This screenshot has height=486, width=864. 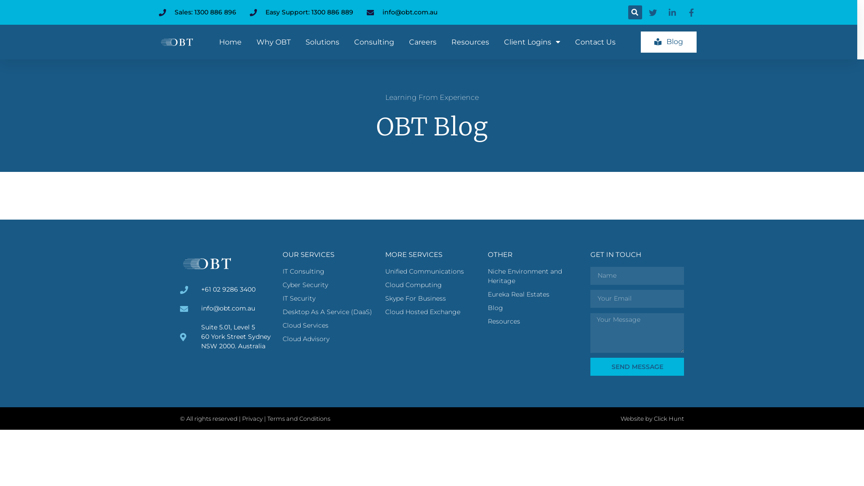 I want to click on 'SEND MESSAGE', so click(x=637, y=366).